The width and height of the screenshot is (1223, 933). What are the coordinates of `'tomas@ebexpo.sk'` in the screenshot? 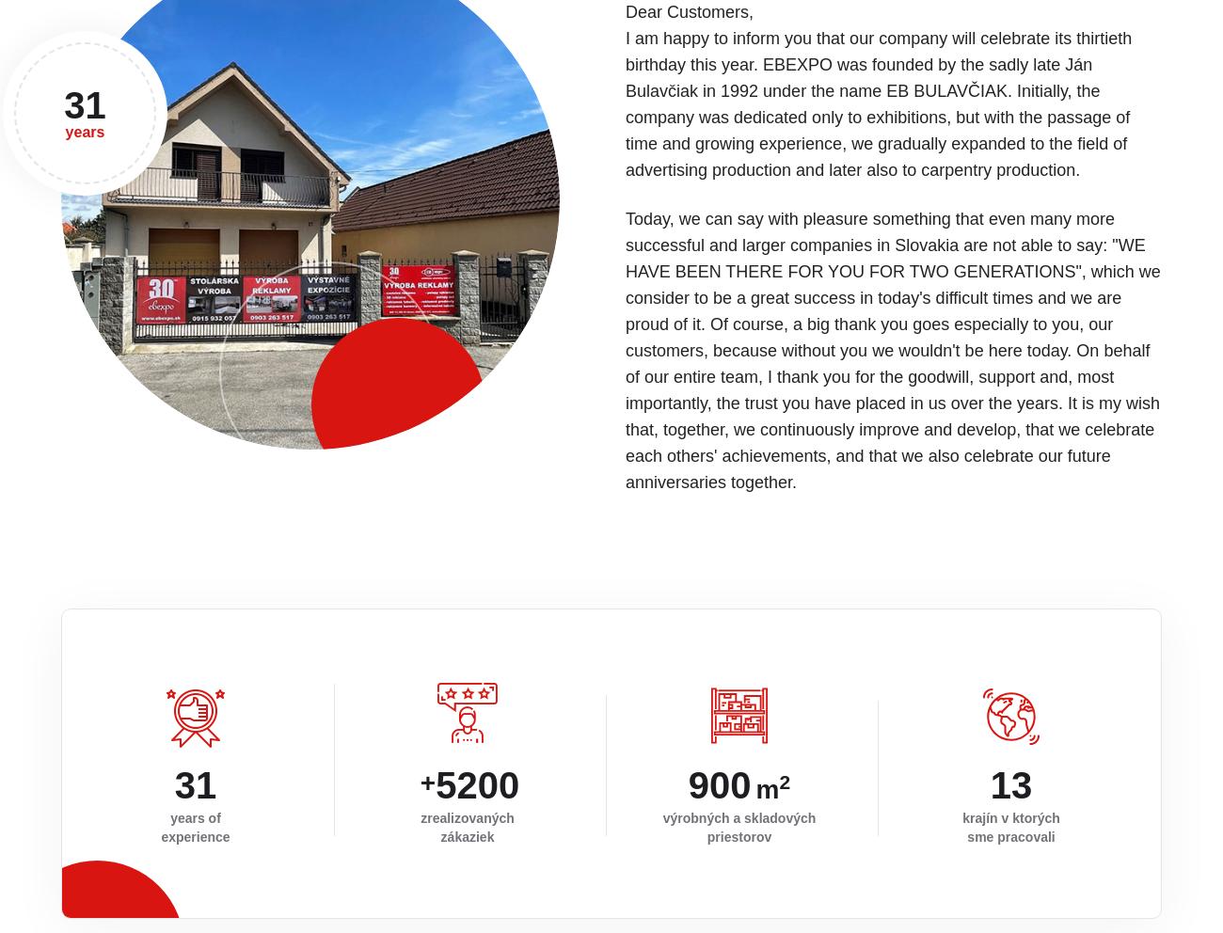 It's located at (564, 832).